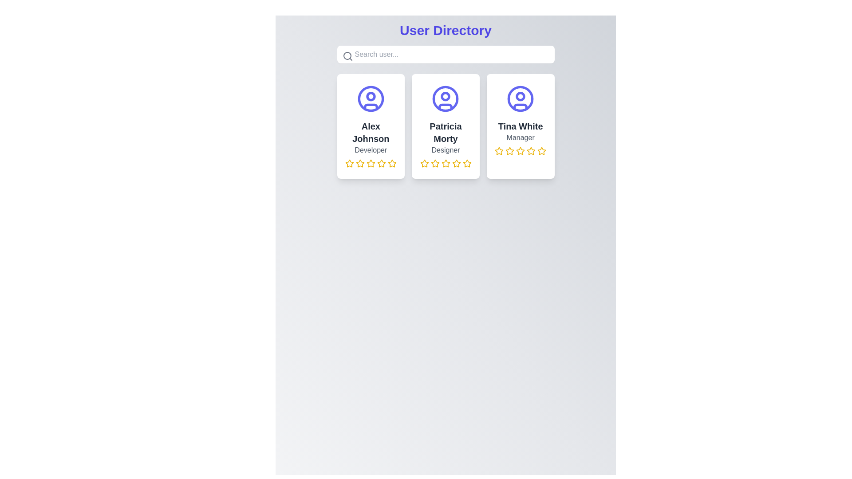 The height and width of the screenshot is (479, 852). I want to click on the yellow star icon with a hollow center outlined in yellow, so click(349, 163).